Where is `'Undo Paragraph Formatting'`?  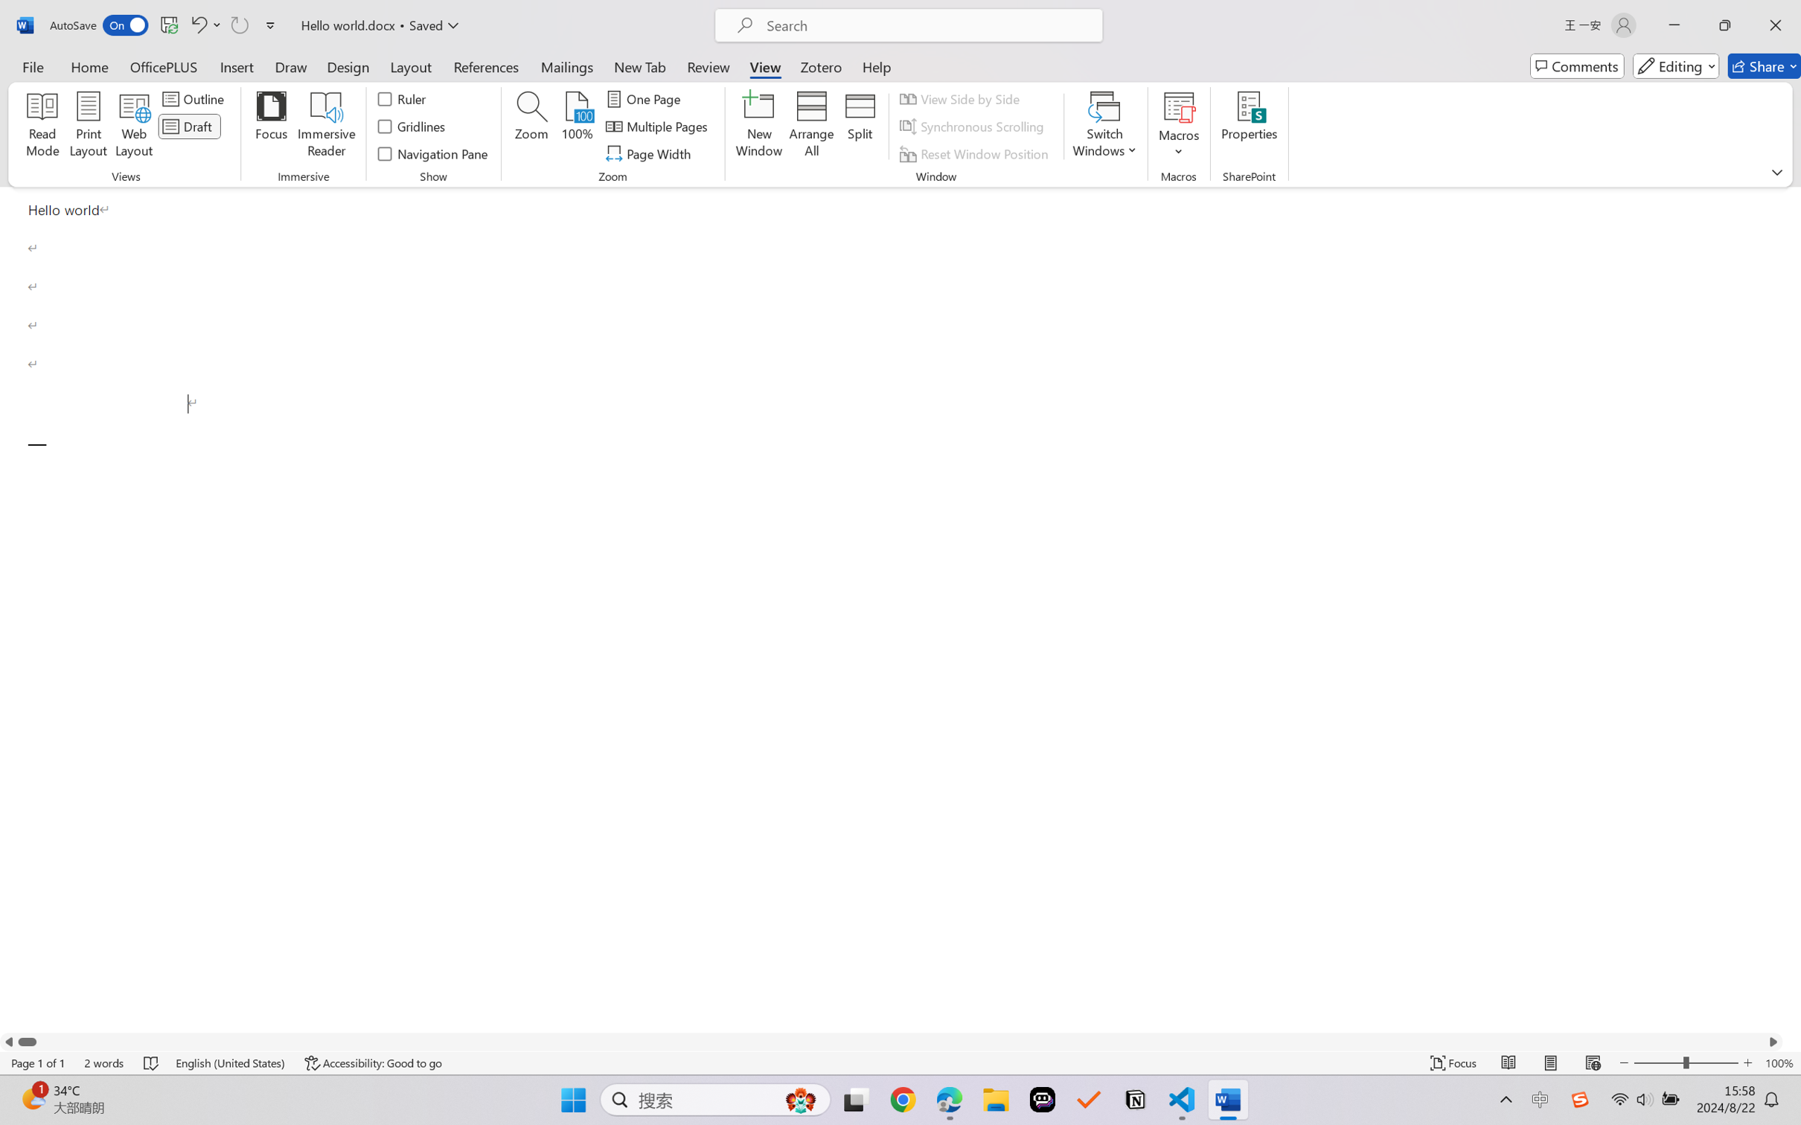
'Undo Paragraph Formatting' is located at coordinates (204, 25).